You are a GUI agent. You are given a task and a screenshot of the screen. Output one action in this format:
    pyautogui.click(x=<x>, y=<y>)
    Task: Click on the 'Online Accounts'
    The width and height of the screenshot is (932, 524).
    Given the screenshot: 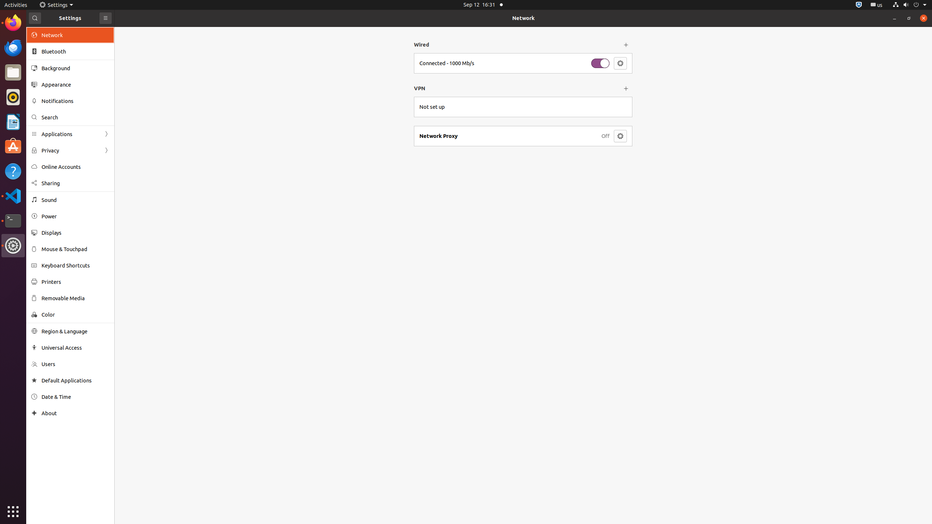 What is the action you would take?
    pyautogui.click(x=75, y=166)
    